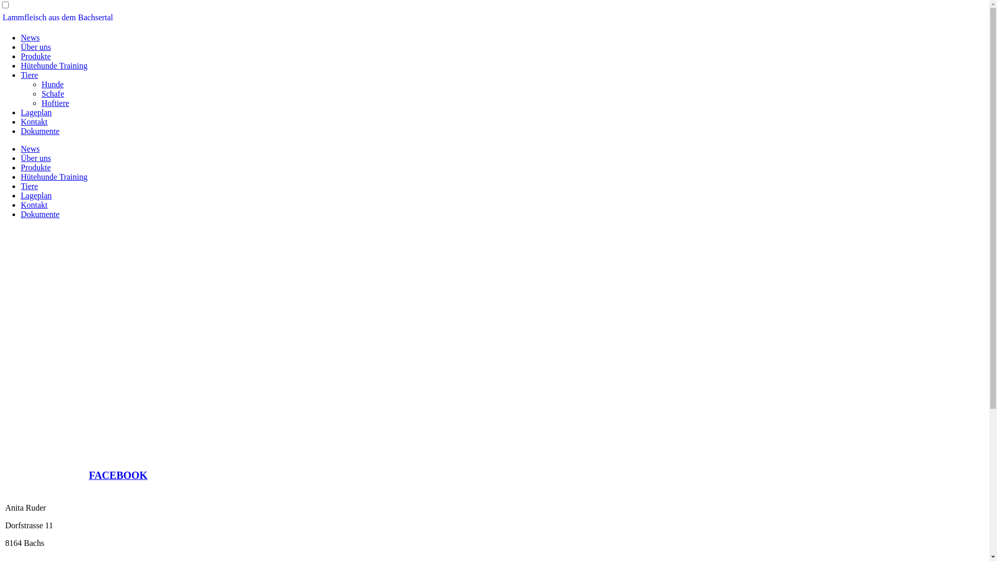 Image resolution: width=997 pixels, height=561 pixels. What do you see at coordinates (55, 103) in the screenshot?
I see `'Hoftiere'` at bounding box center [55, 103].